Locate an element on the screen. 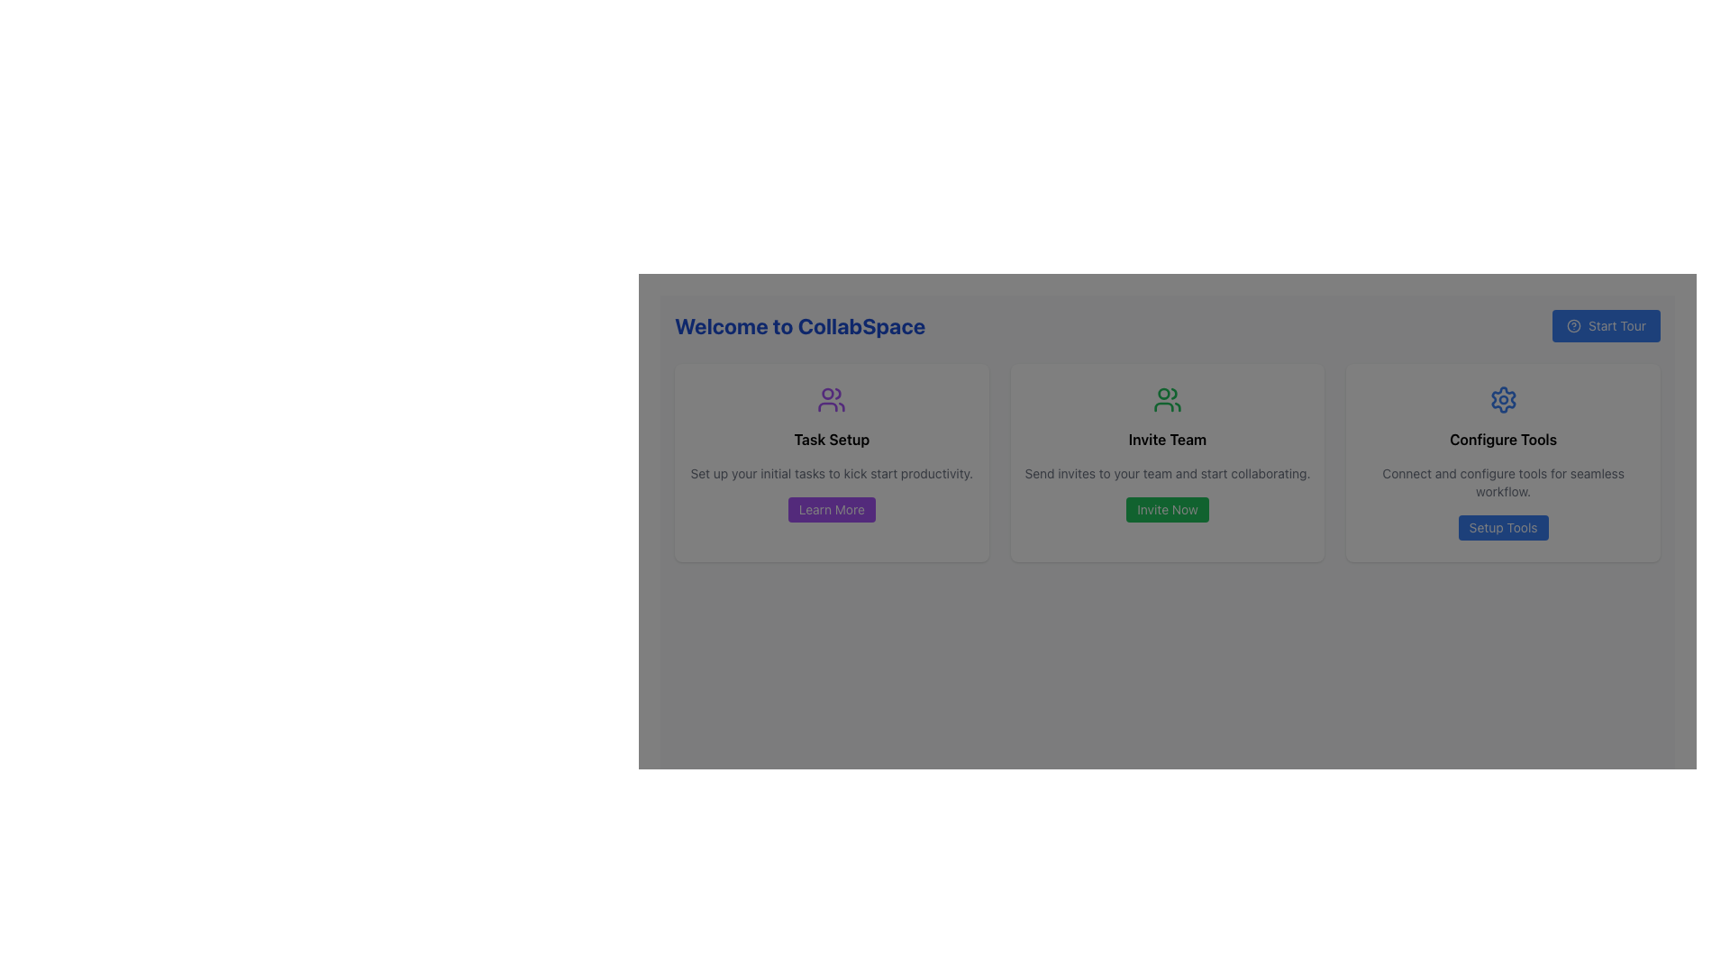  the text label that contains the description 'Connect and configure tools for seamless workflow.' which is located below the 'Configure Tools' title and above the 'Setup Tools' button in the rightmost card of a three-card layout is located at coordinates (1503, 482).